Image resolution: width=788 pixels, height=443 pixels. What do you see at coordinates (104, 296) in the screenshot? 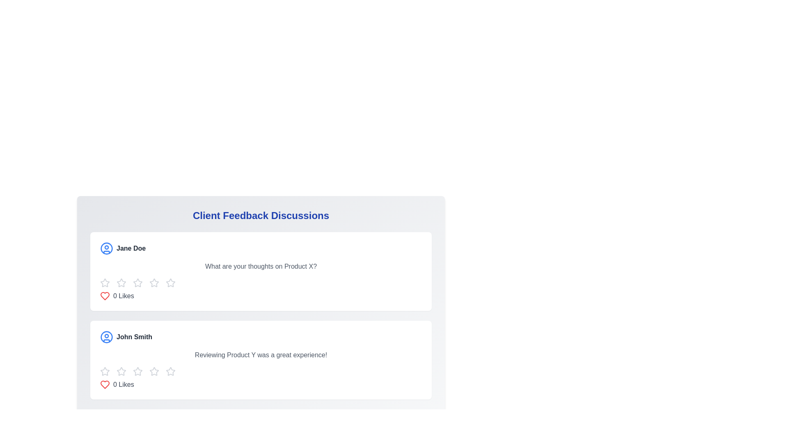
I see `the like button located to the left of the '0 Likes' text in the feedback section under Jane Doe's comment` at bounding box center [104, 296].